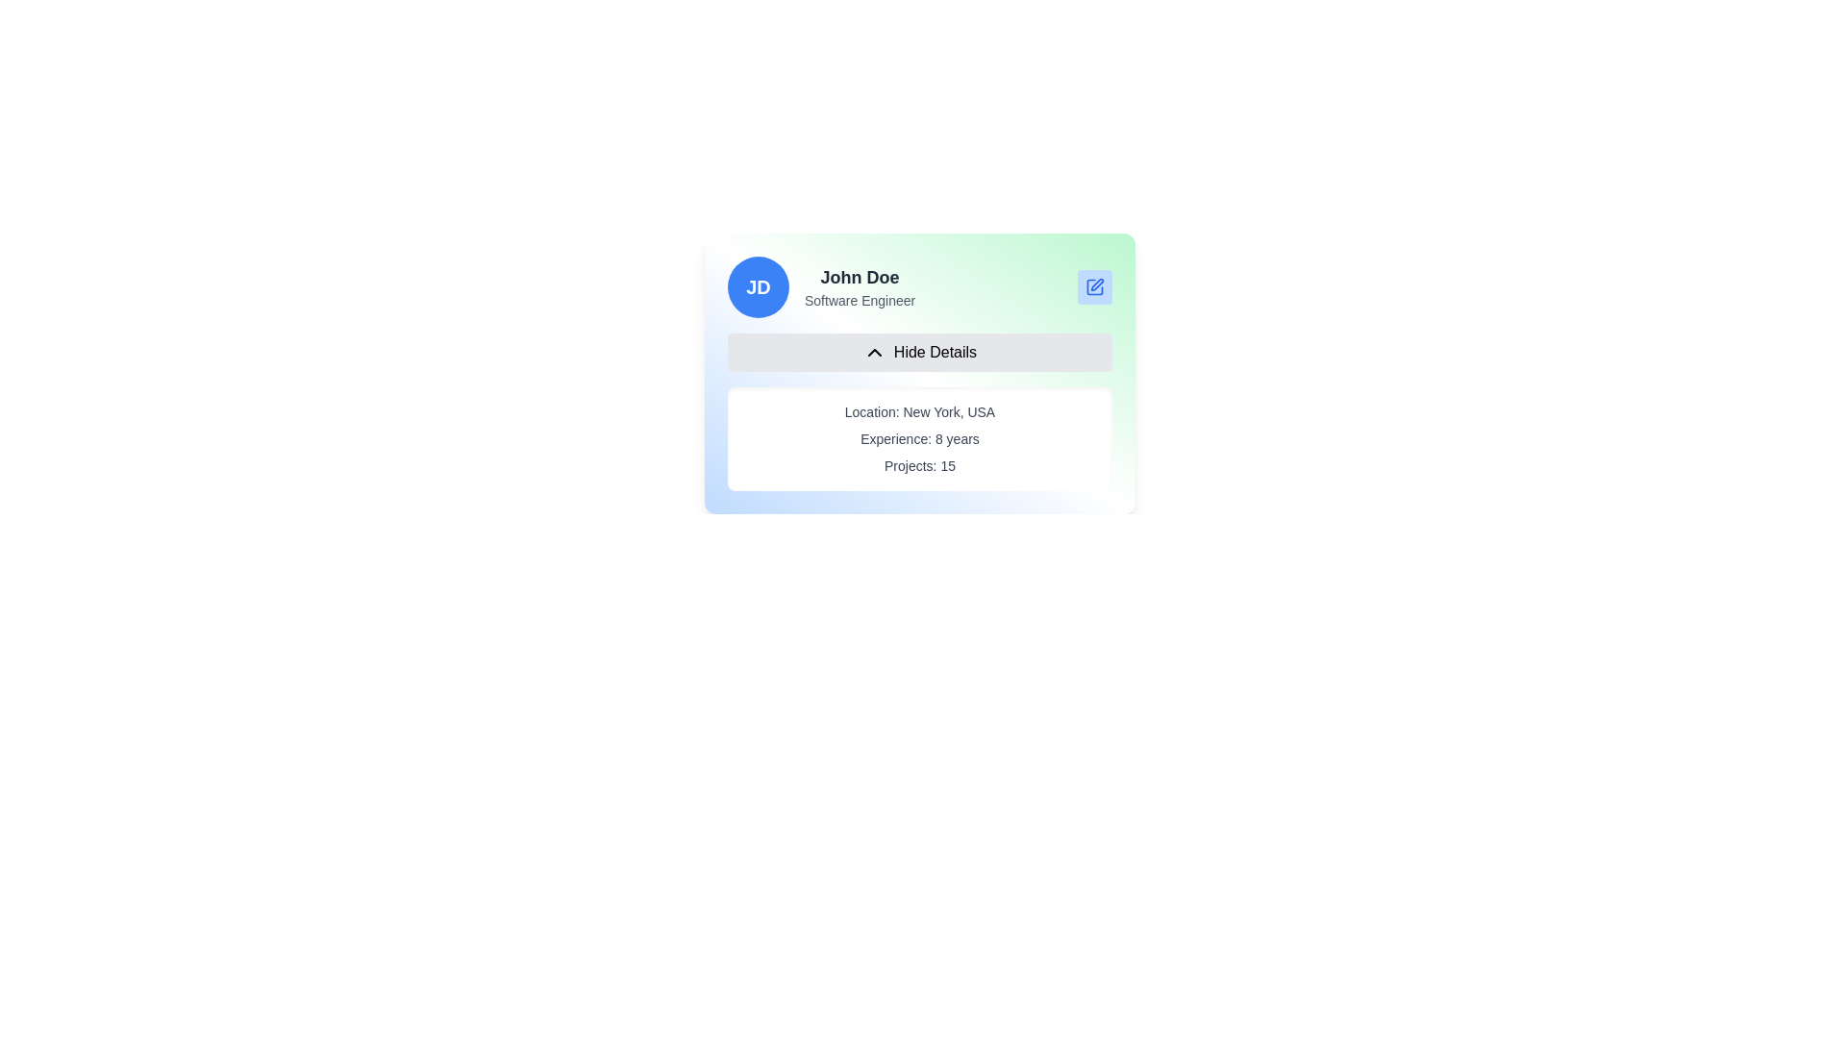 The width and height of the screenshot is (1846, 1038). I want to click on the small upward-pointing chevron icon located within the 'Hide Details' button, so click(873, 352).